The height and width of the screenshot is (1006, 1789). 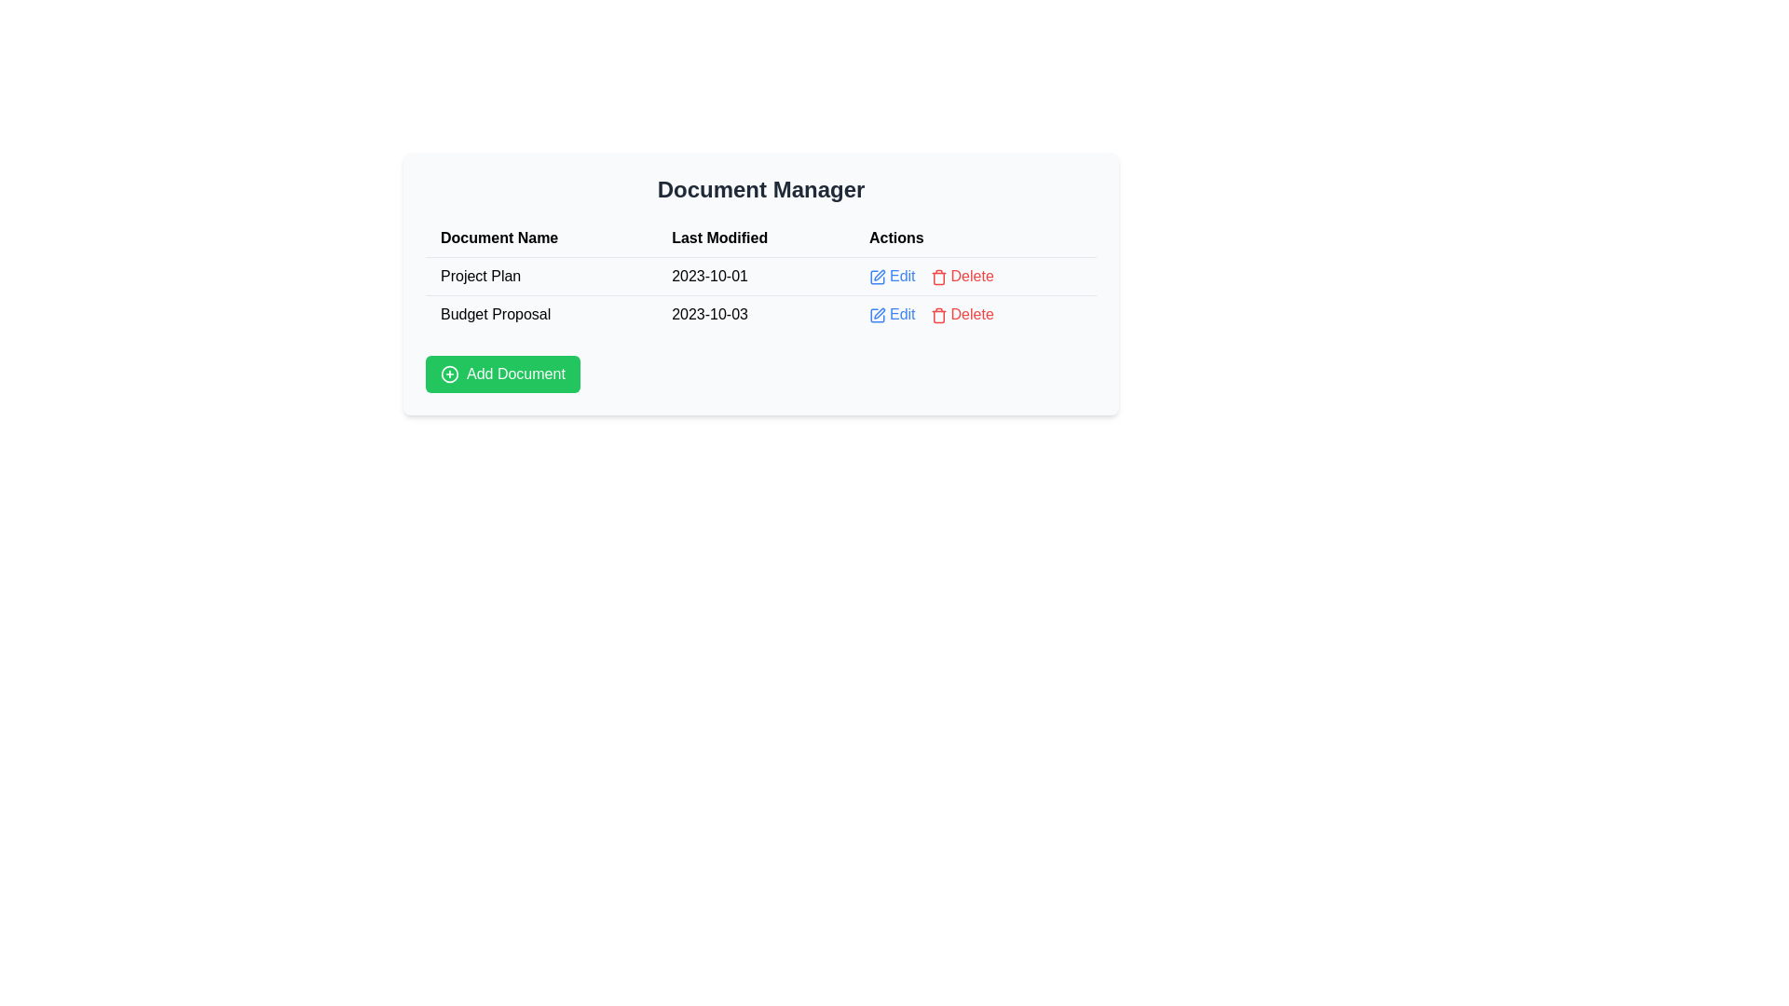 I want to click on the editing action icon located in the 'Actions' column of the second row of the table, so click(x=879, y=312).